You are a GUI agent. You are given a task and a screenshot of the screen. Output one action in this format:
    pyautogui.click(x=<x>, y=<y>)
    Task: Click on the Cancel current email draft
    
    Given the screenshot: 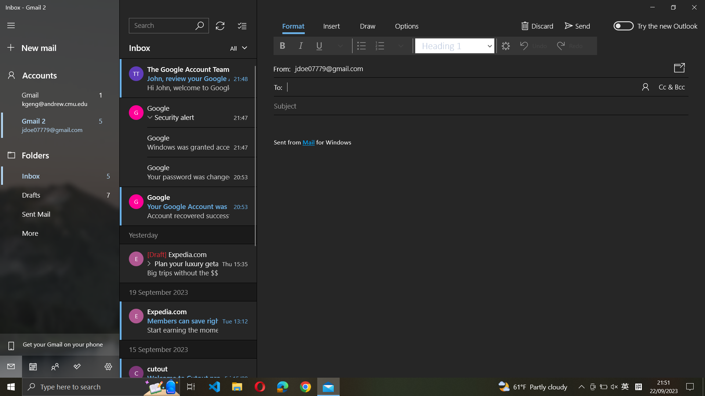 What is the action you would take?
    pyautogui.click(x=537, y=25)
    